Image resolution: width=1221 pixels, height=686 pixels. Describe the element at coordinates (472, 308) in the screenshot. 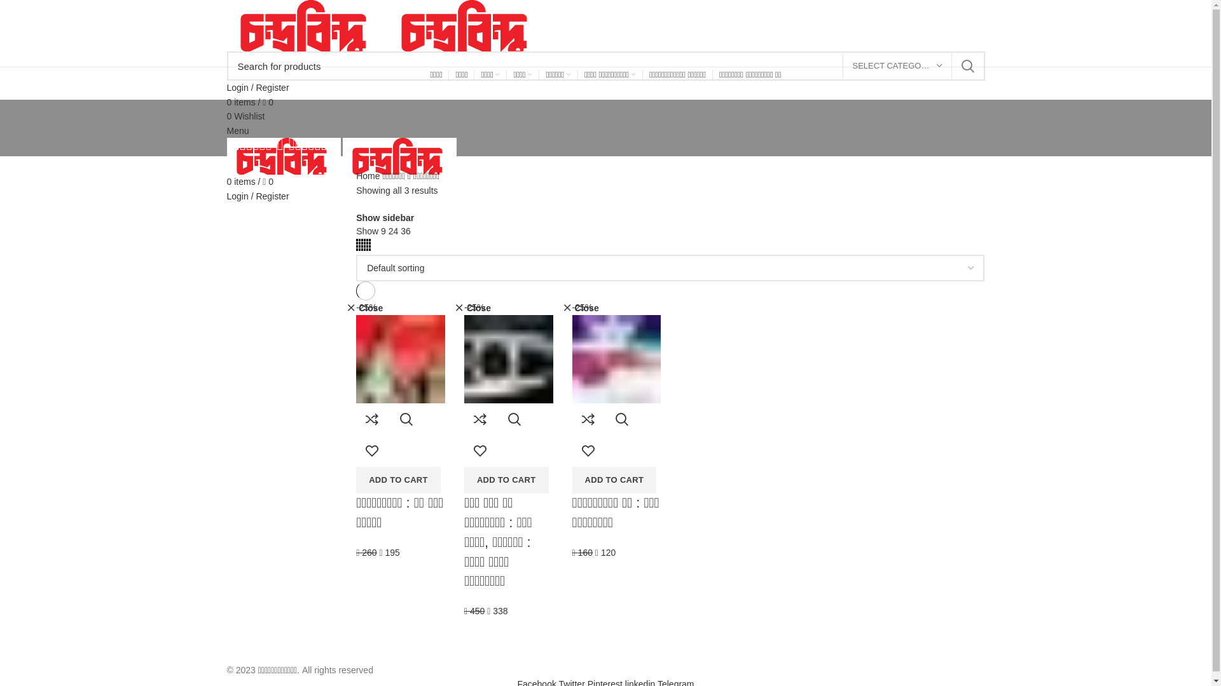

I see `'Close'` at that location.